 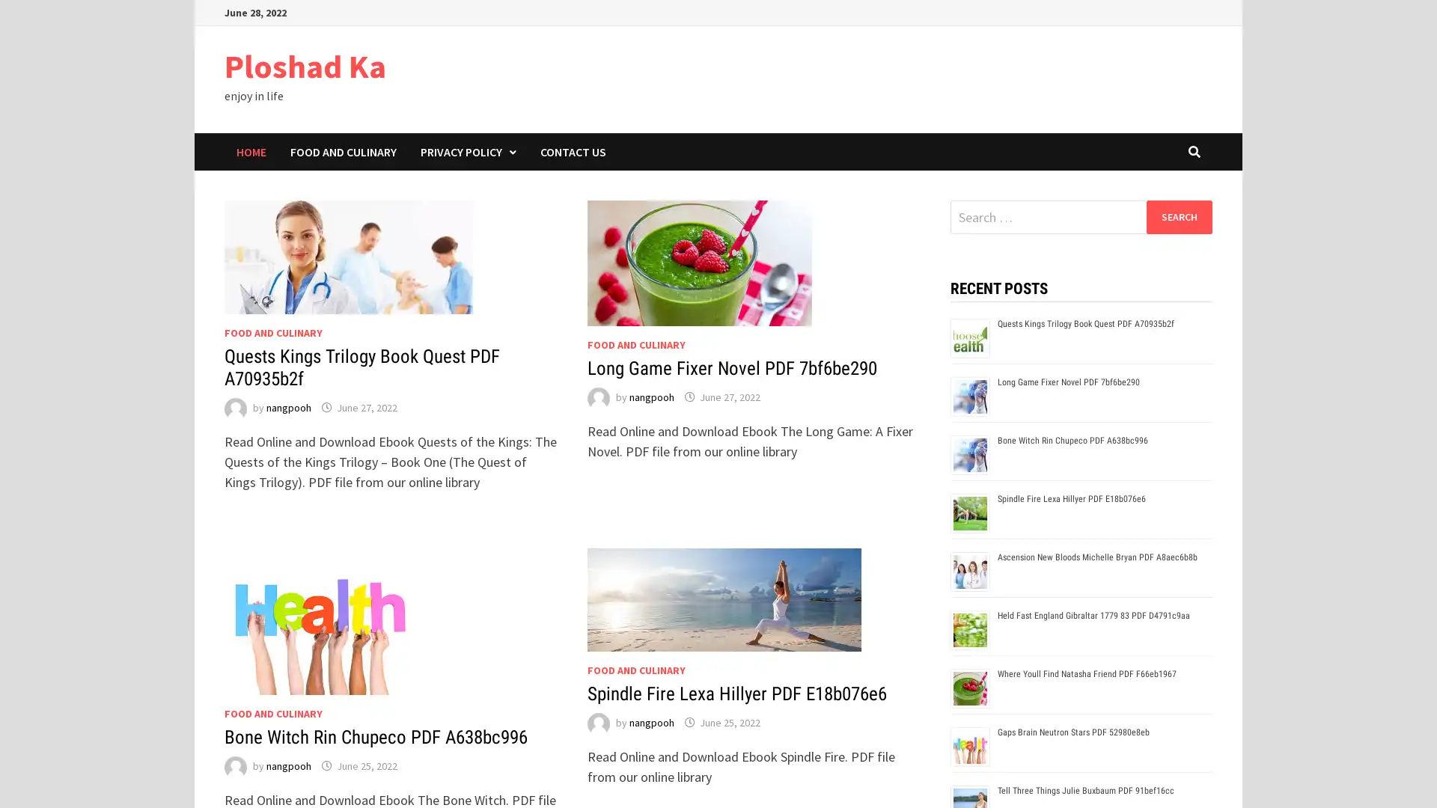 What do you see at coordinates (1178, 216) in the screenshot?
I see `Search` at bounding box center [1178, 216].